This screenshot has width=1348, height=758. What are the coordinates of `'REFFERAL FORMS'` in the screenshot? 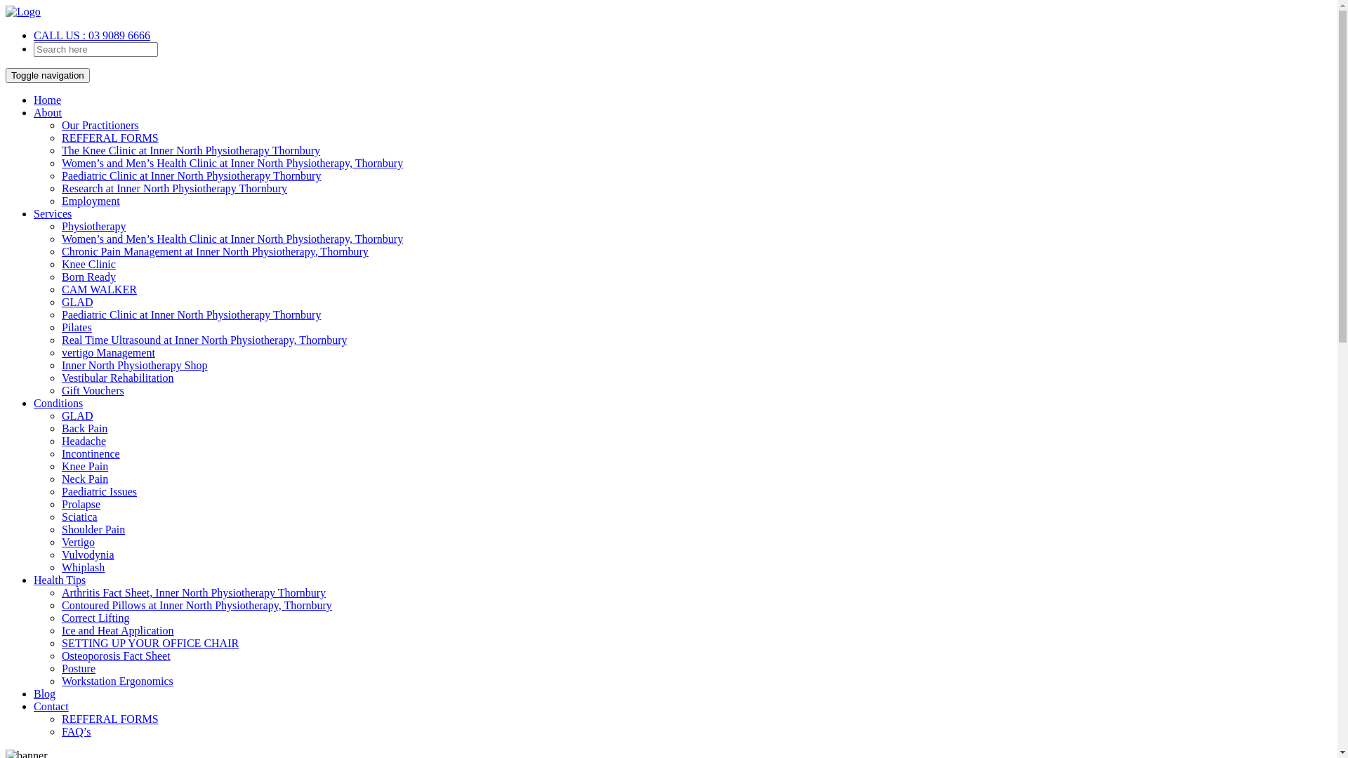 It's located at (110, 138).